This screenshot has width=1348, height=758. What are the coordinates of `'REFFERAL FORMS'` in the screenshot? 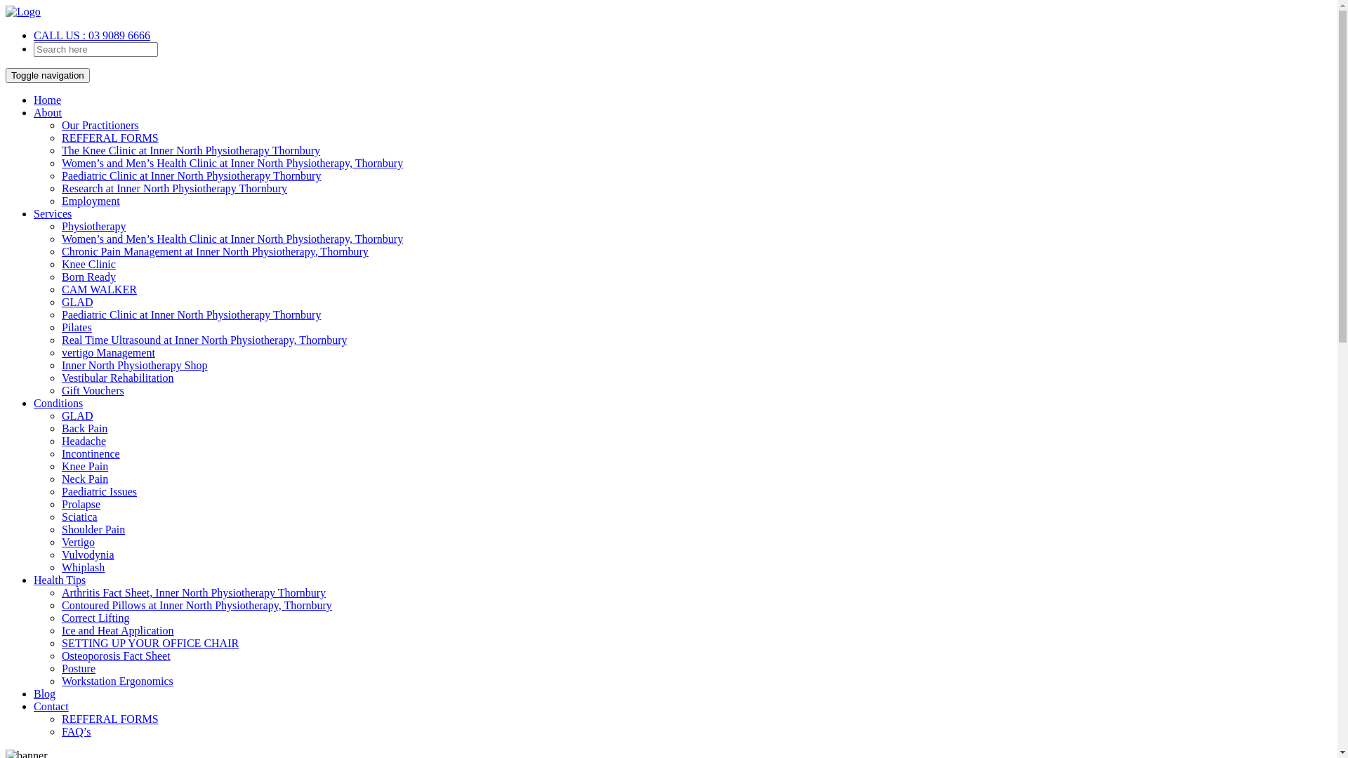 It's located at (110, 138).